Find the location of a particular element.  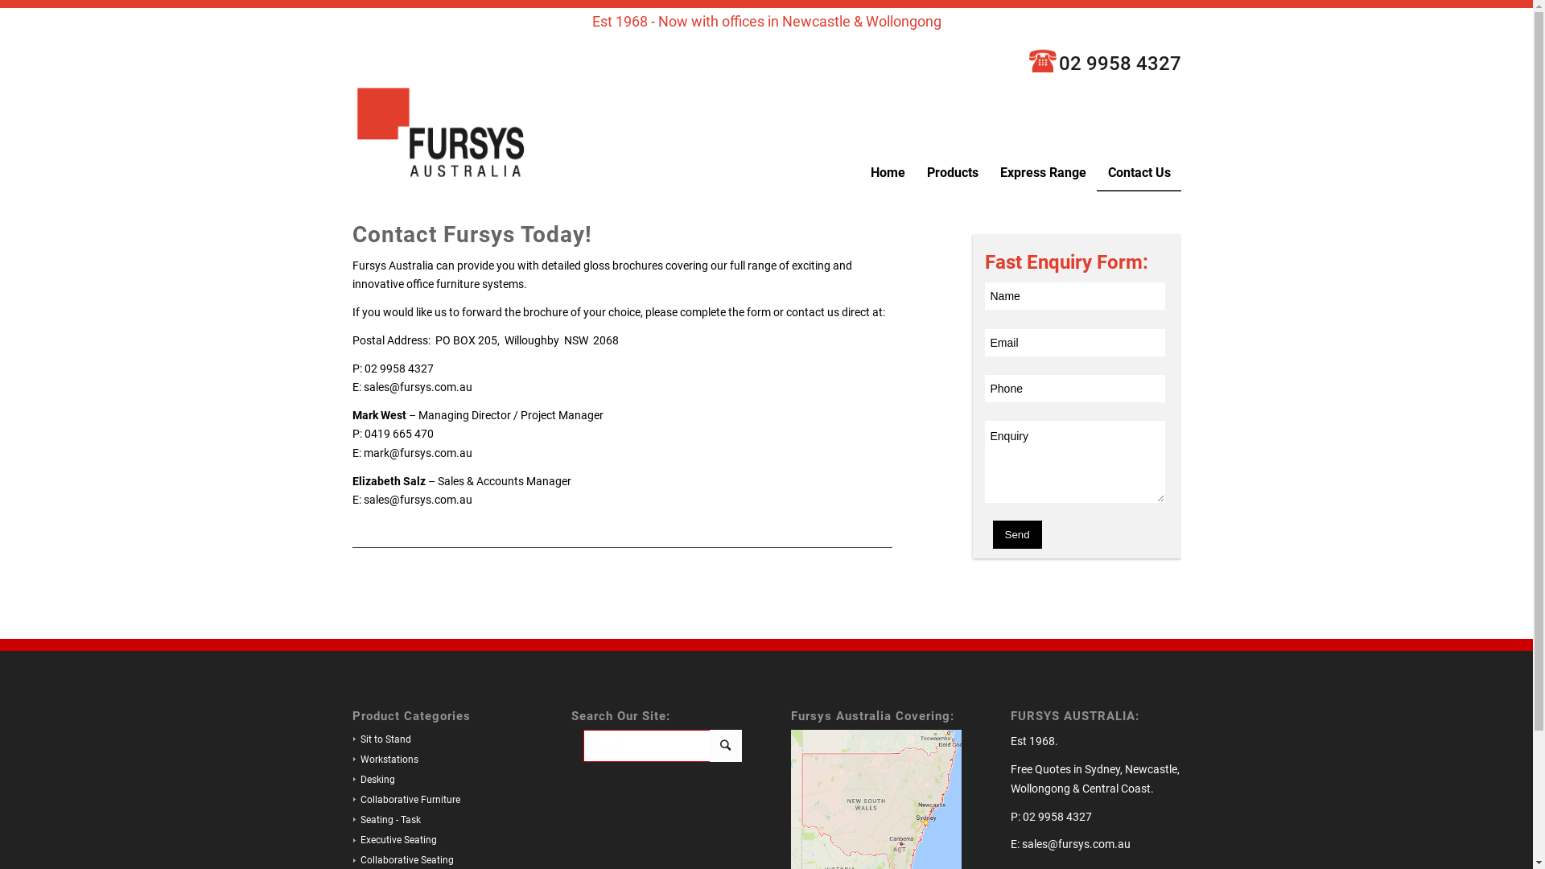

'Desking' is located at coordinates (373, 778).